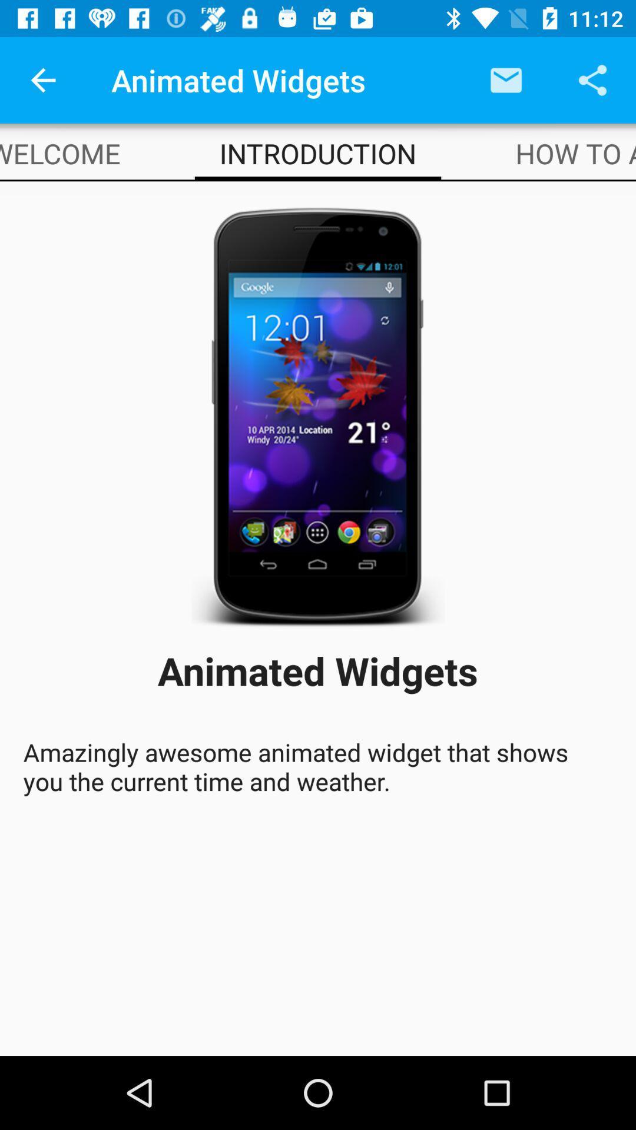 This screenshot has height=1130, width=636. I want to click on item next to animated widgets item, so click(505, 79).